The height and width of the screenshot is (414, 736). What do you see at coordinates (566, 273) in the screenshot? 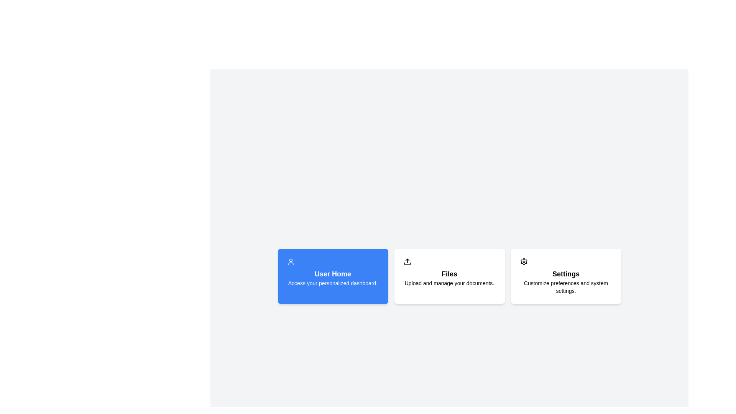
I see `header label text 'Settings' located in the third card, positioned above the description text and aligned to the right of the icon` at bounding box center [566, 273].